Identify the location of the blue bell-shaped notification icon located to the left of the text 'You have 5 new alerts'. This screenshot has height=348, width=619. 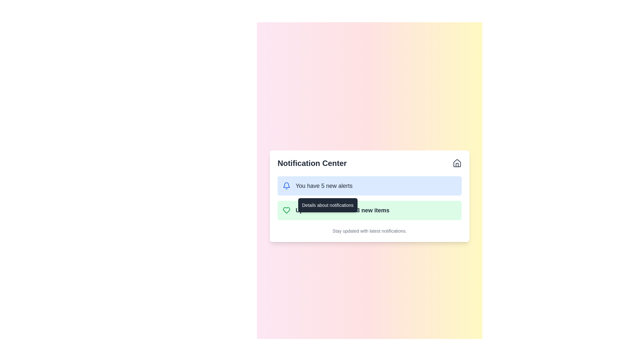
(286, 186).